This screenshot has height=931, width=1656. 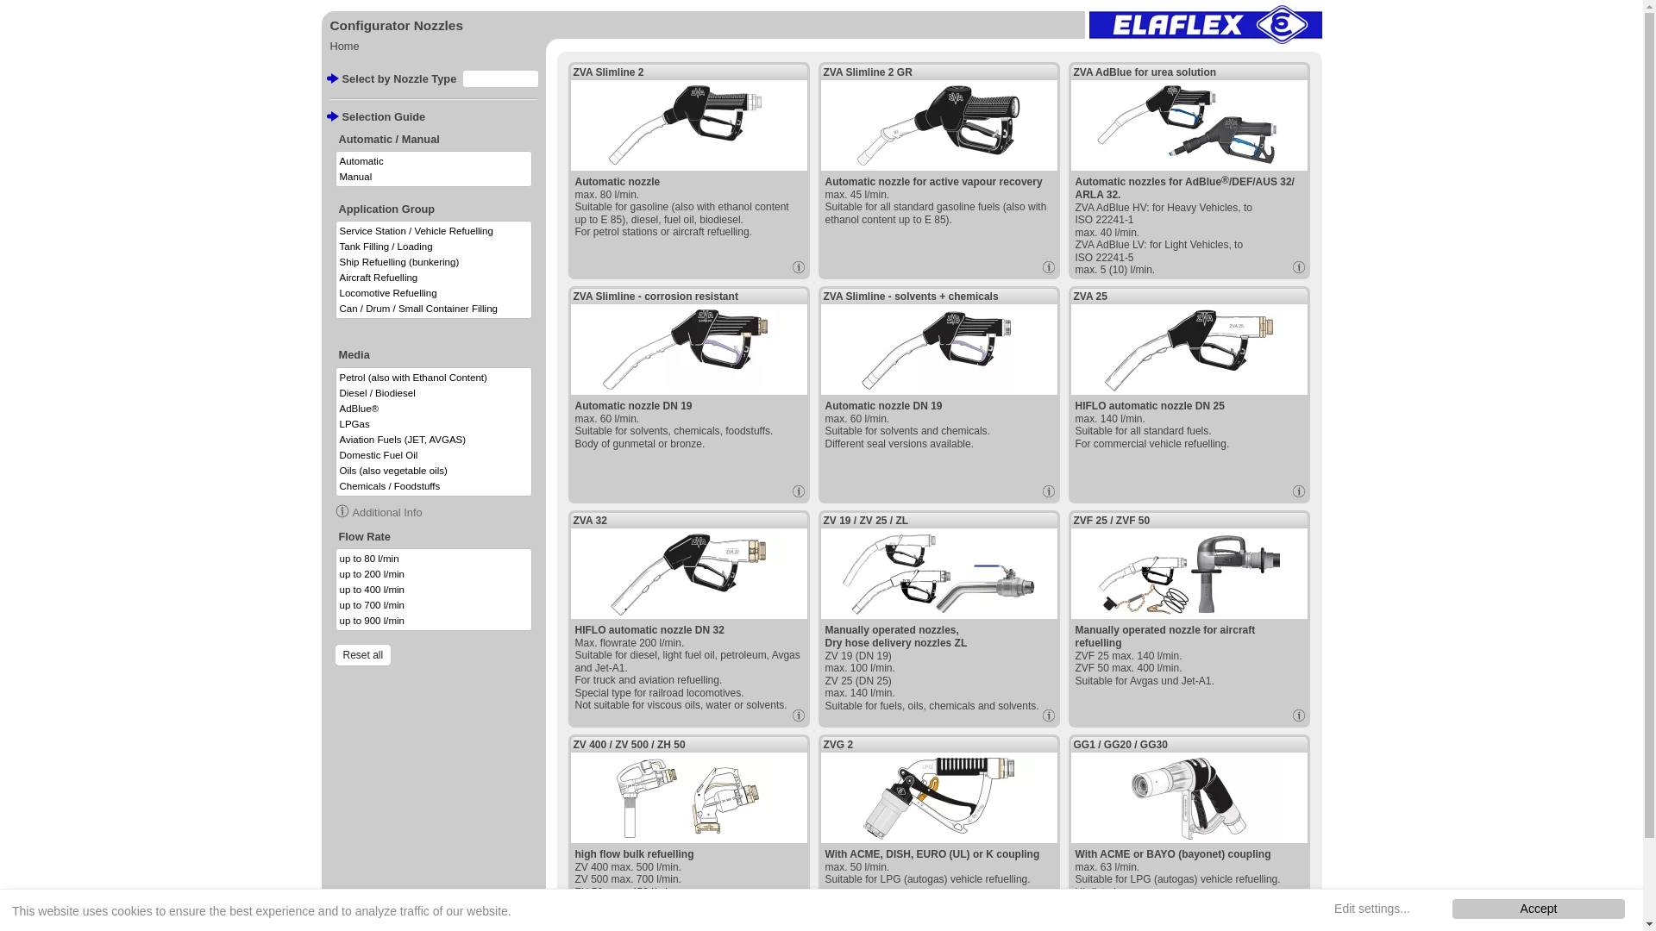 I want to click on 'up to 900 l/min', so click(x=434, y=621).